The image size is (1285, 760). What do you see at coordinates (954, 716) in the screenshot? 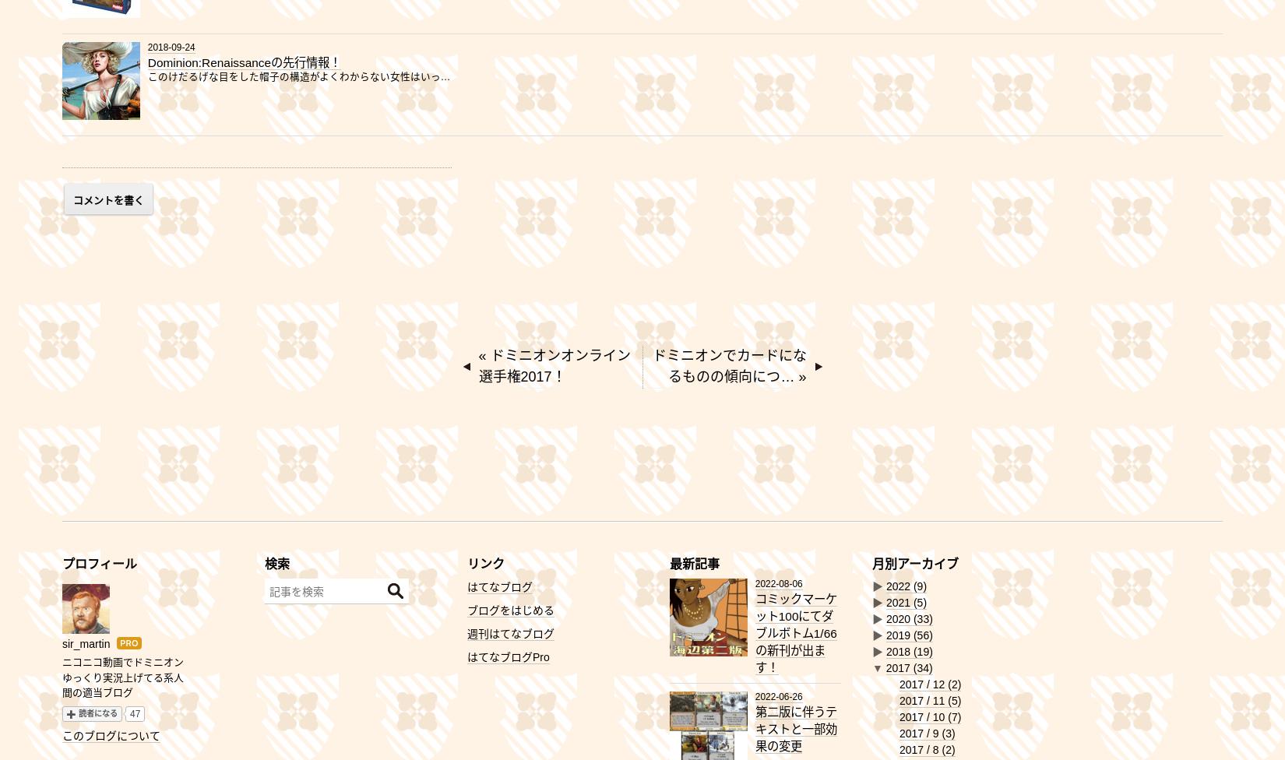
I see `'(7)'` at bounding box center [954, 716].